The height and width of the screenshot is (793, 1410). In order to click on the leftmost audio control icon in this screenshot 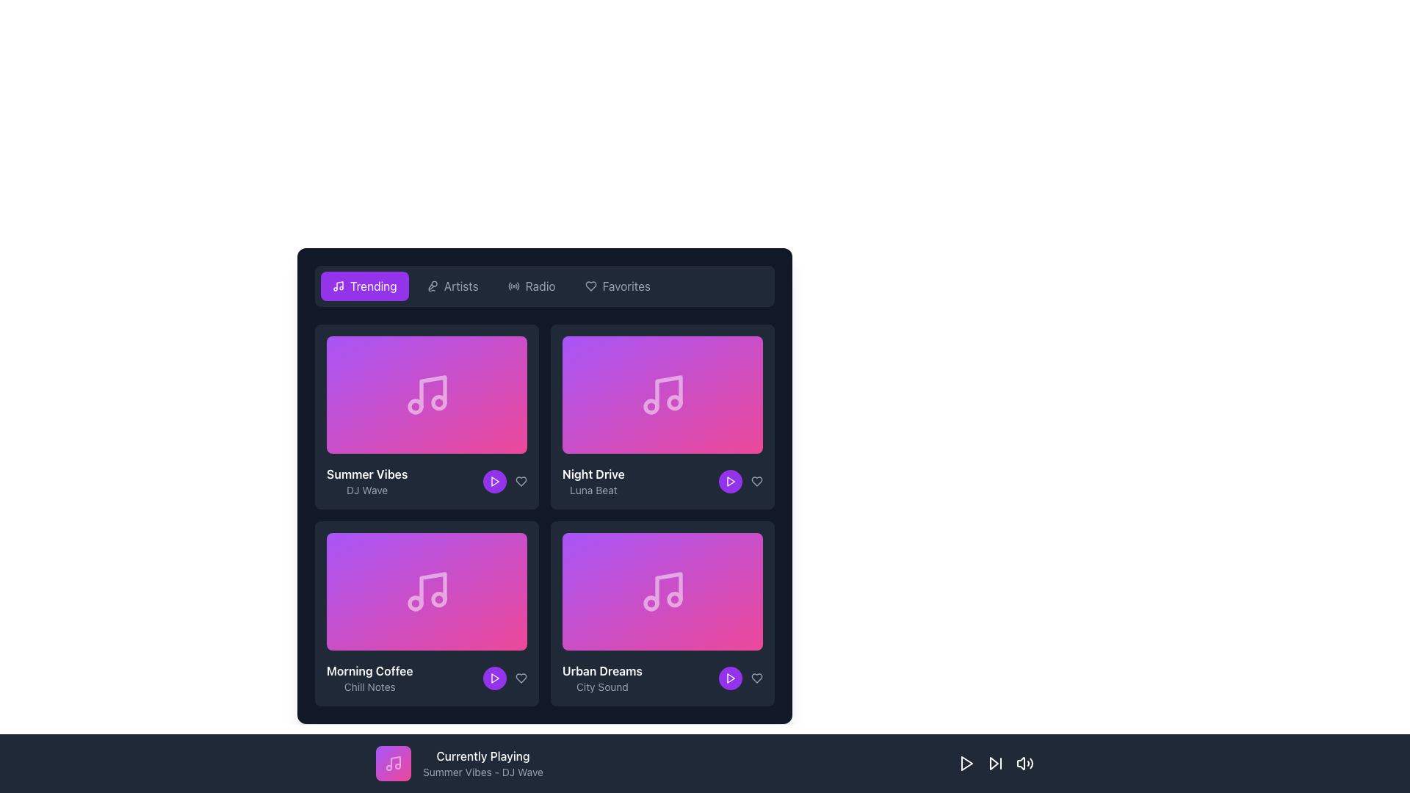, I will do `click(1020, 763)`.